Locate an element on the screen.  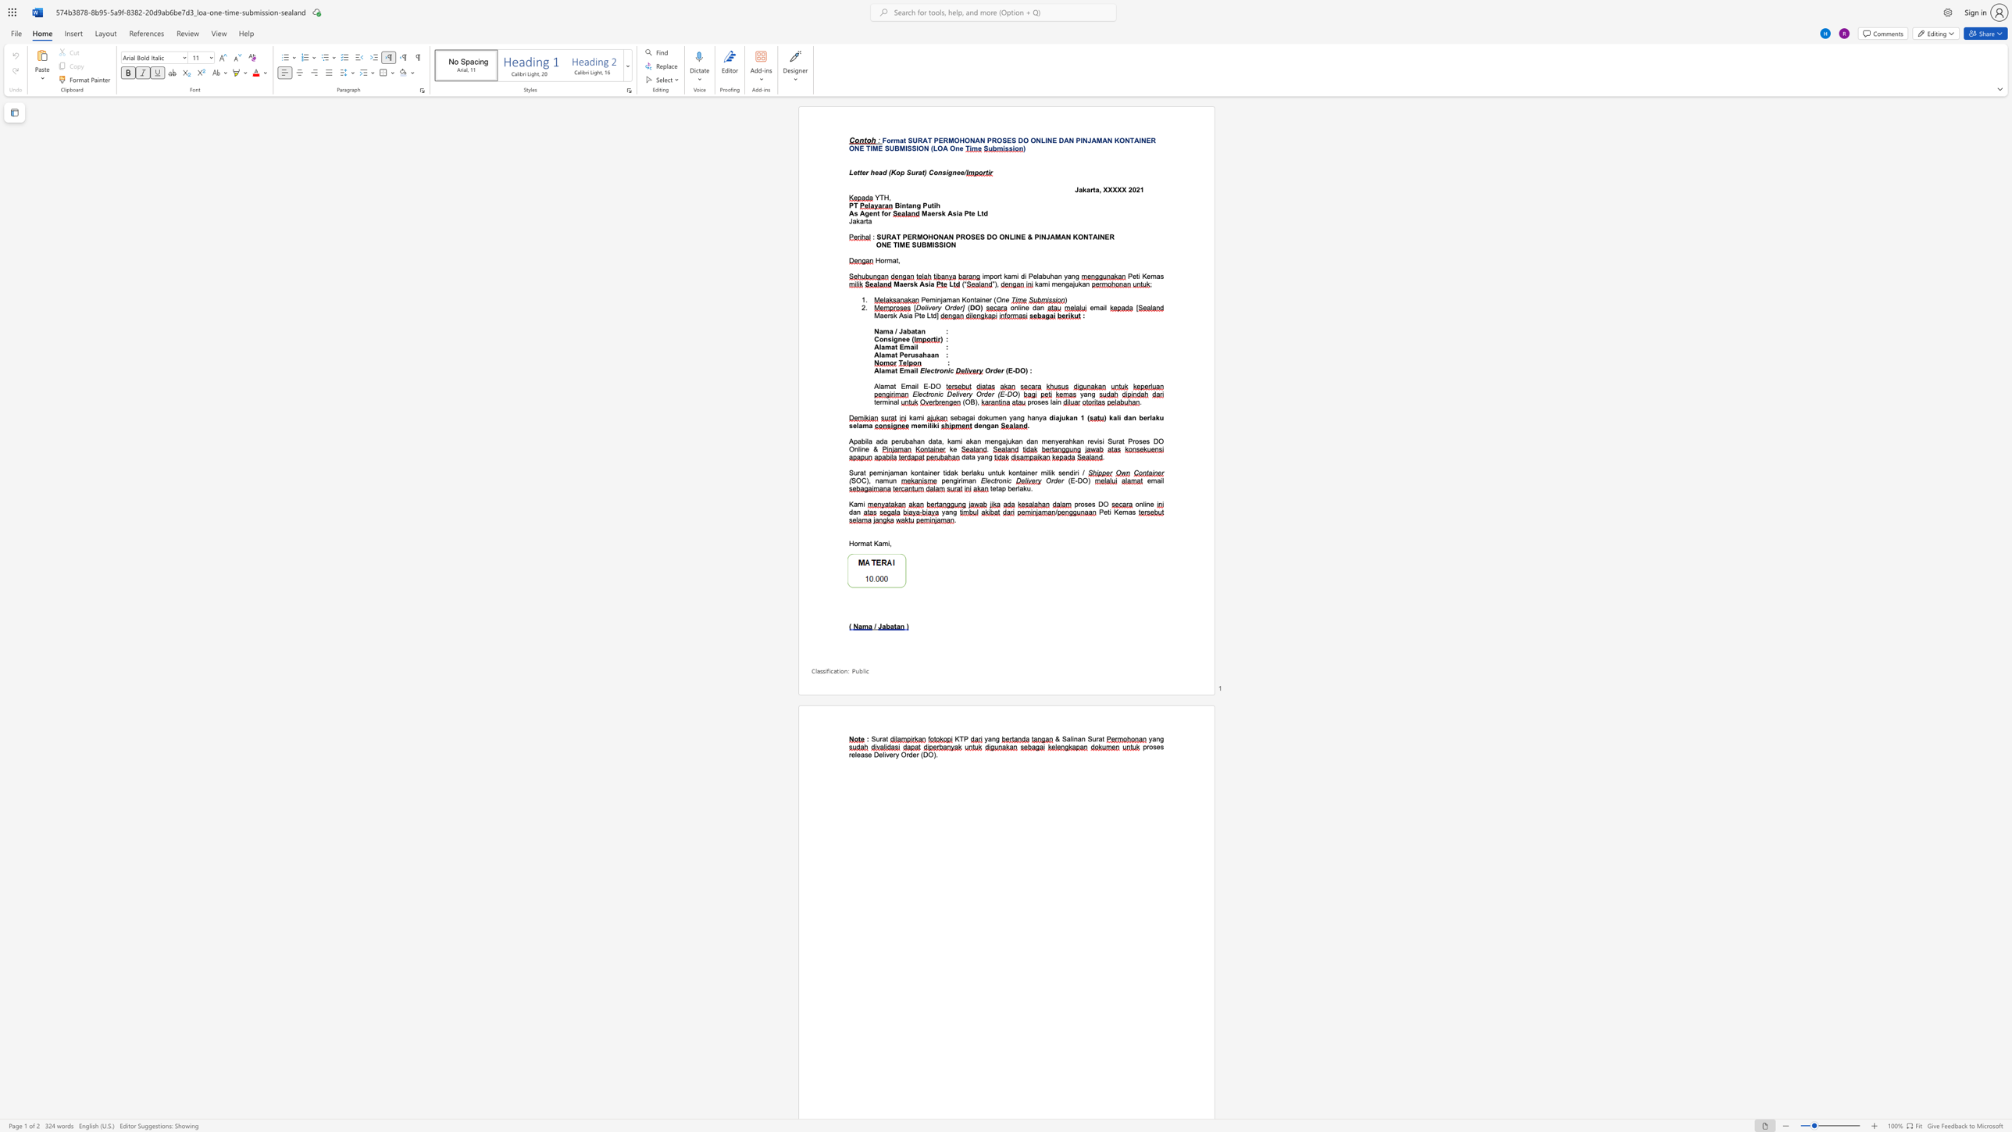
the subset text "ai" within the text "proses lain" is located at coordinates (1051, 401).